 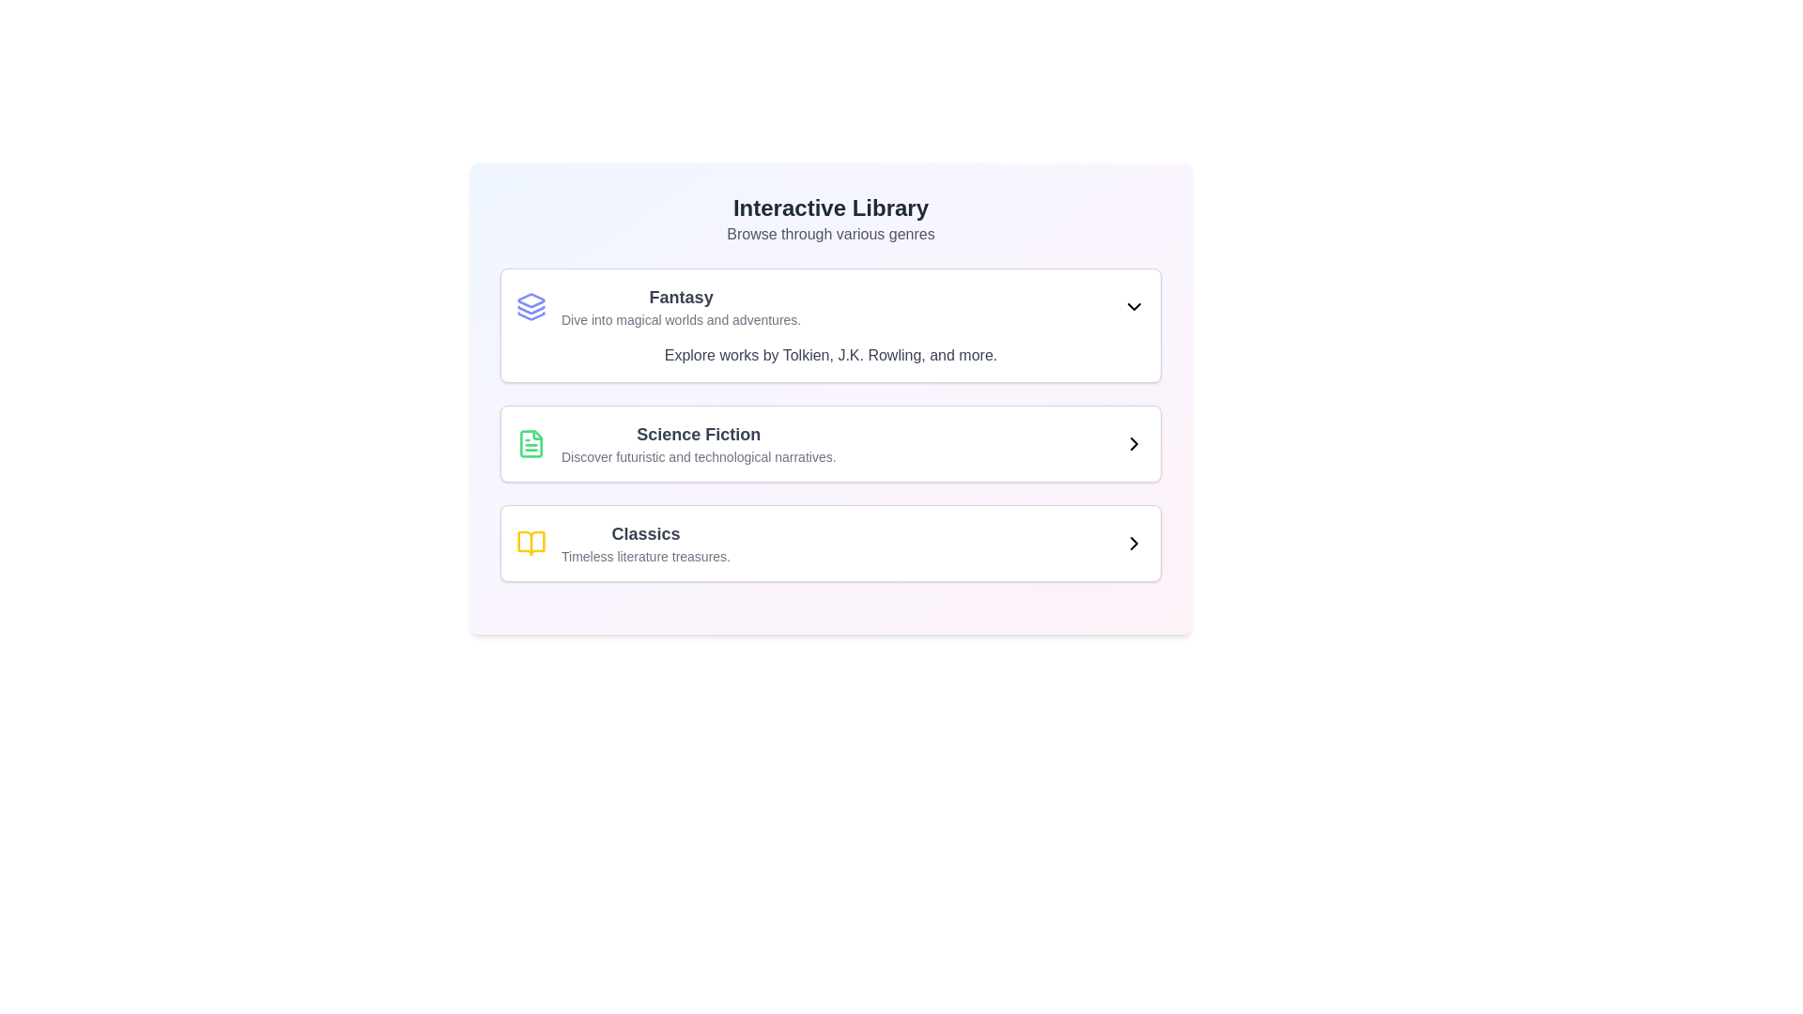 I want to click on the small rightward-pointing chevron icon located, so click(x=1133, y=444).